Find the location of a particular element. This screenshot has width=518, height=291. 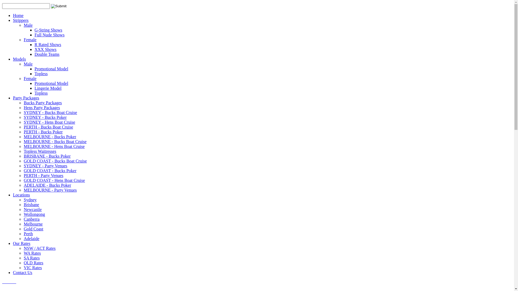

'Adelaide' is located at coordinates (31, 238).